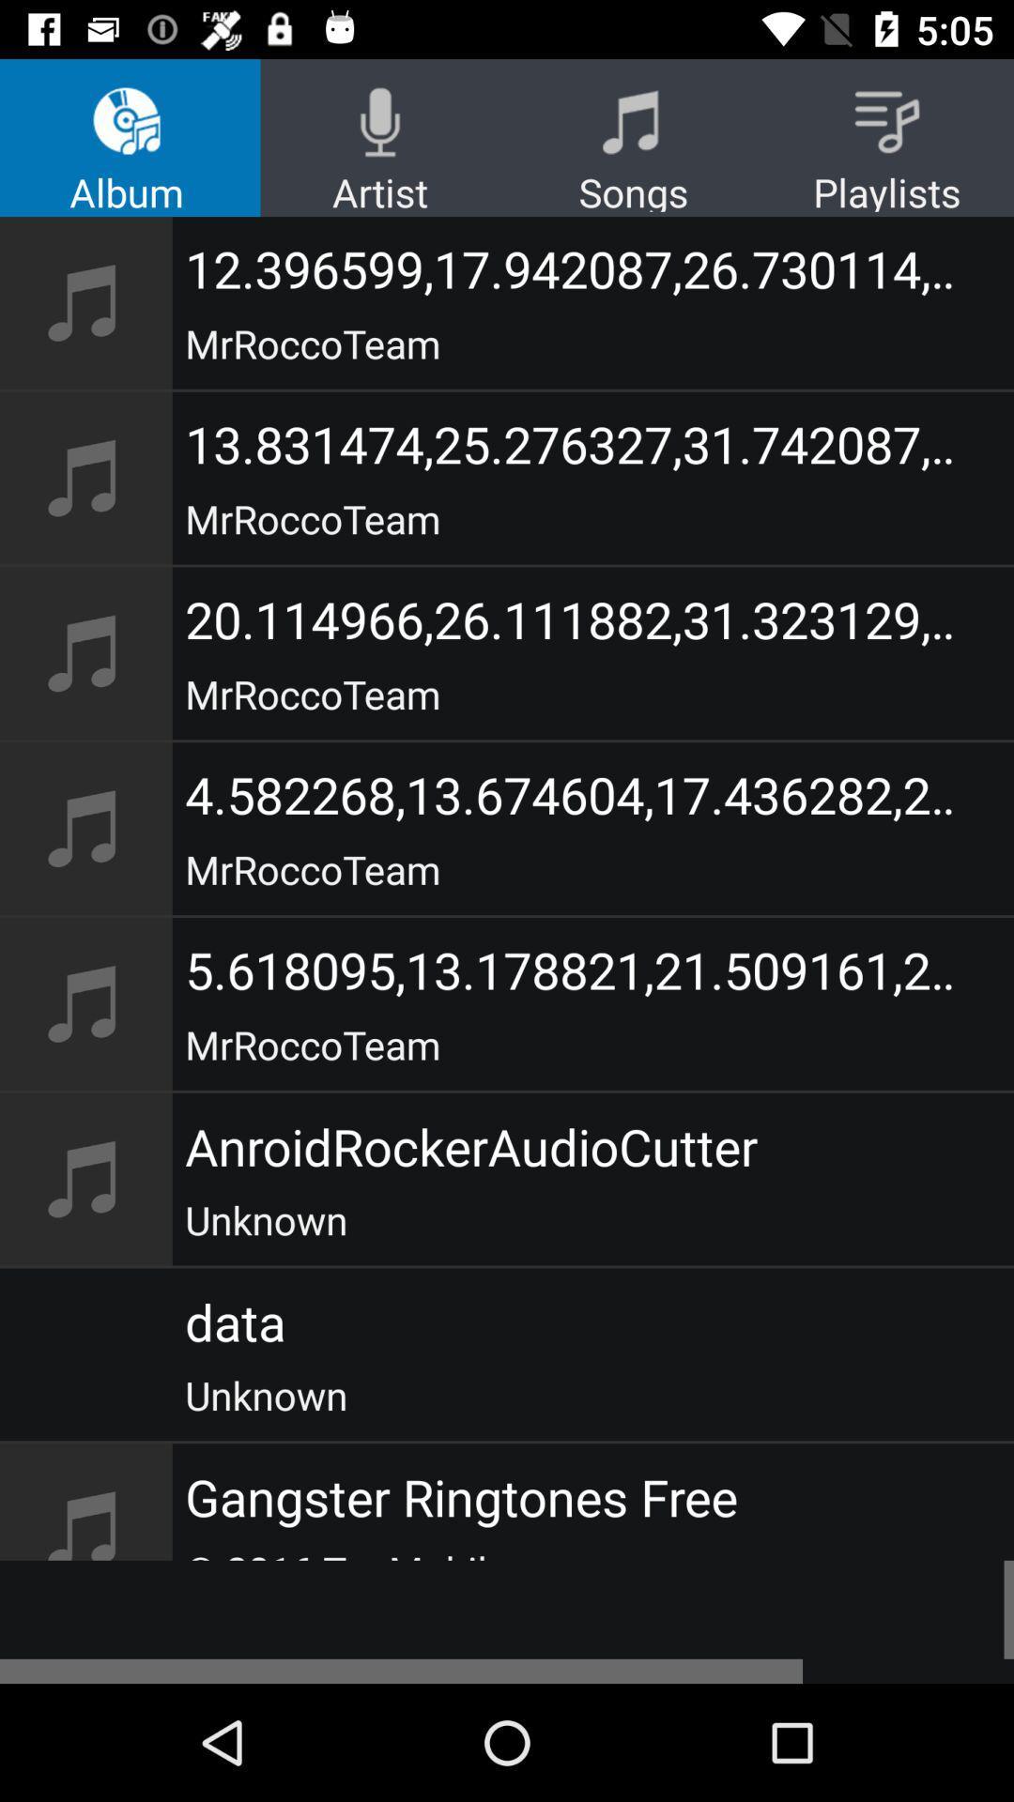 Image resolution: width=1014 pixels, height=1802 pixels. What do you see at coordinates (634, 137) in the screenshot?
I see `the songs` at bounding box center [634, 137].